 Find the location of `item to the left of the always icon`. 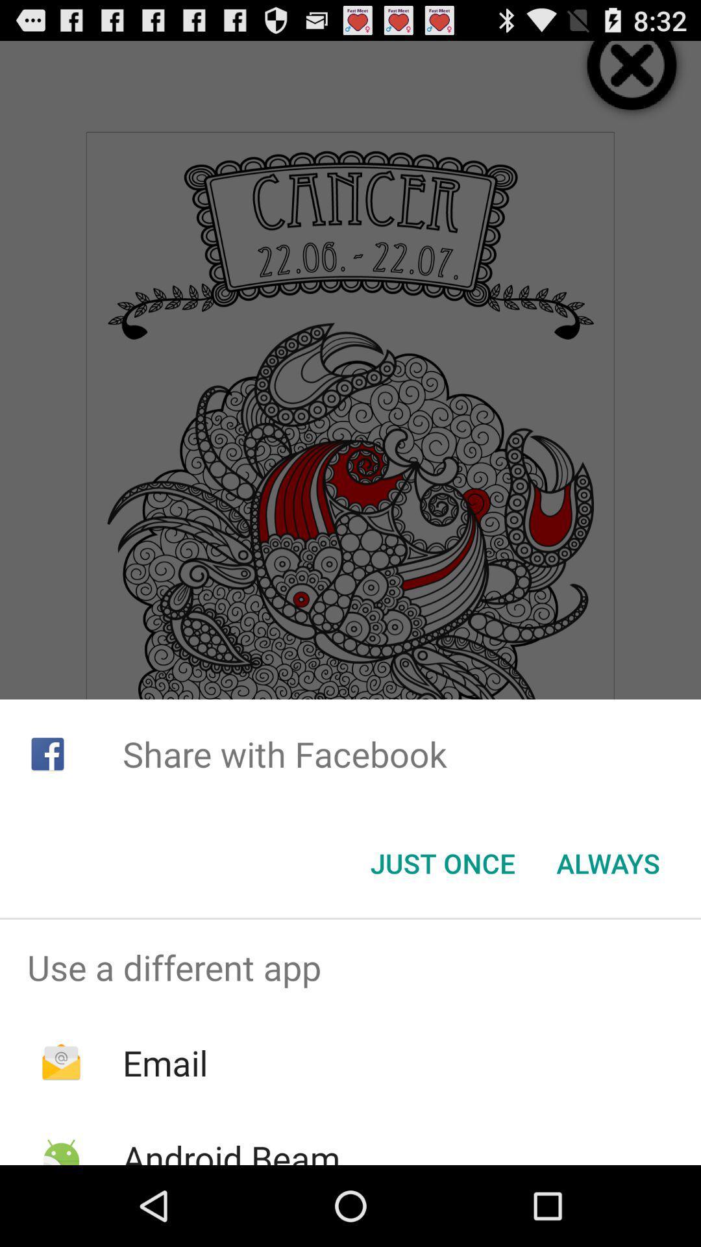

item to the left of the always icon is located at coordinates (442, 863).